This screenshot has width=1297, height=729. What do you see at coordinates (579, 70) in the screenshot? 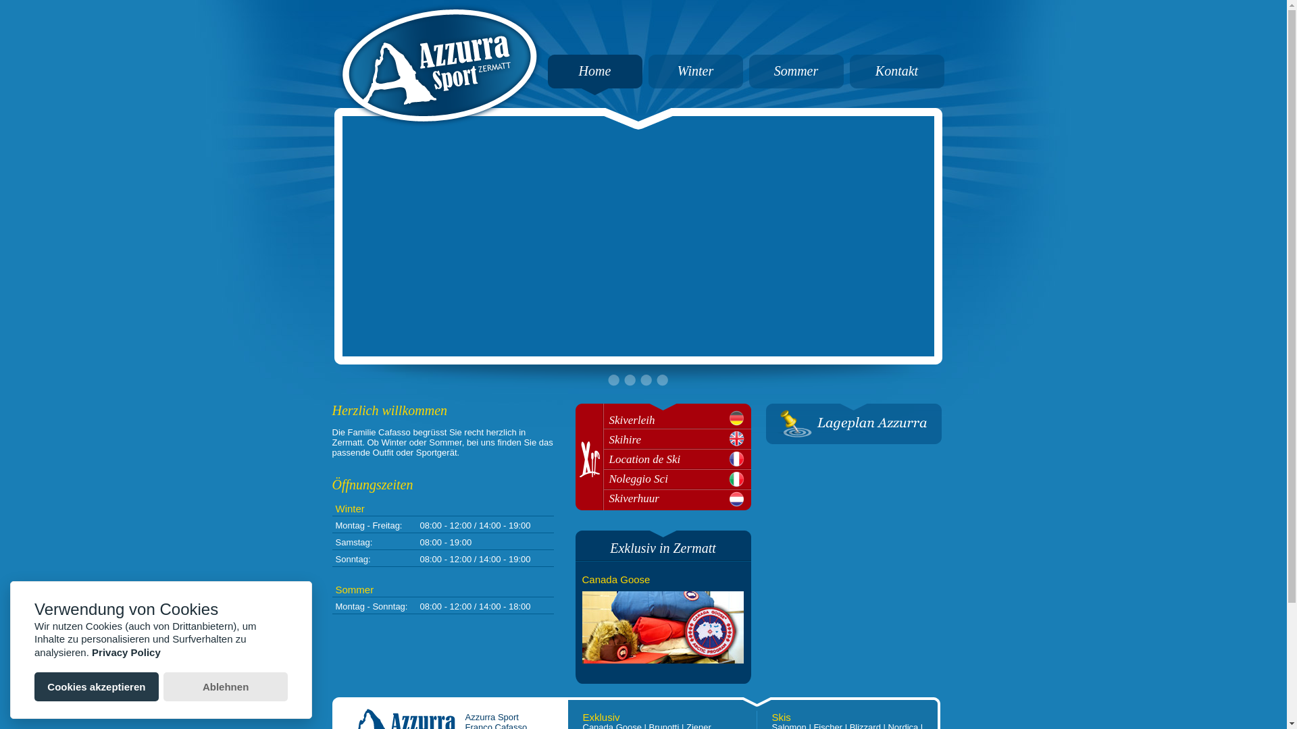
I see `'Home'` at bounding box center [579, 70].